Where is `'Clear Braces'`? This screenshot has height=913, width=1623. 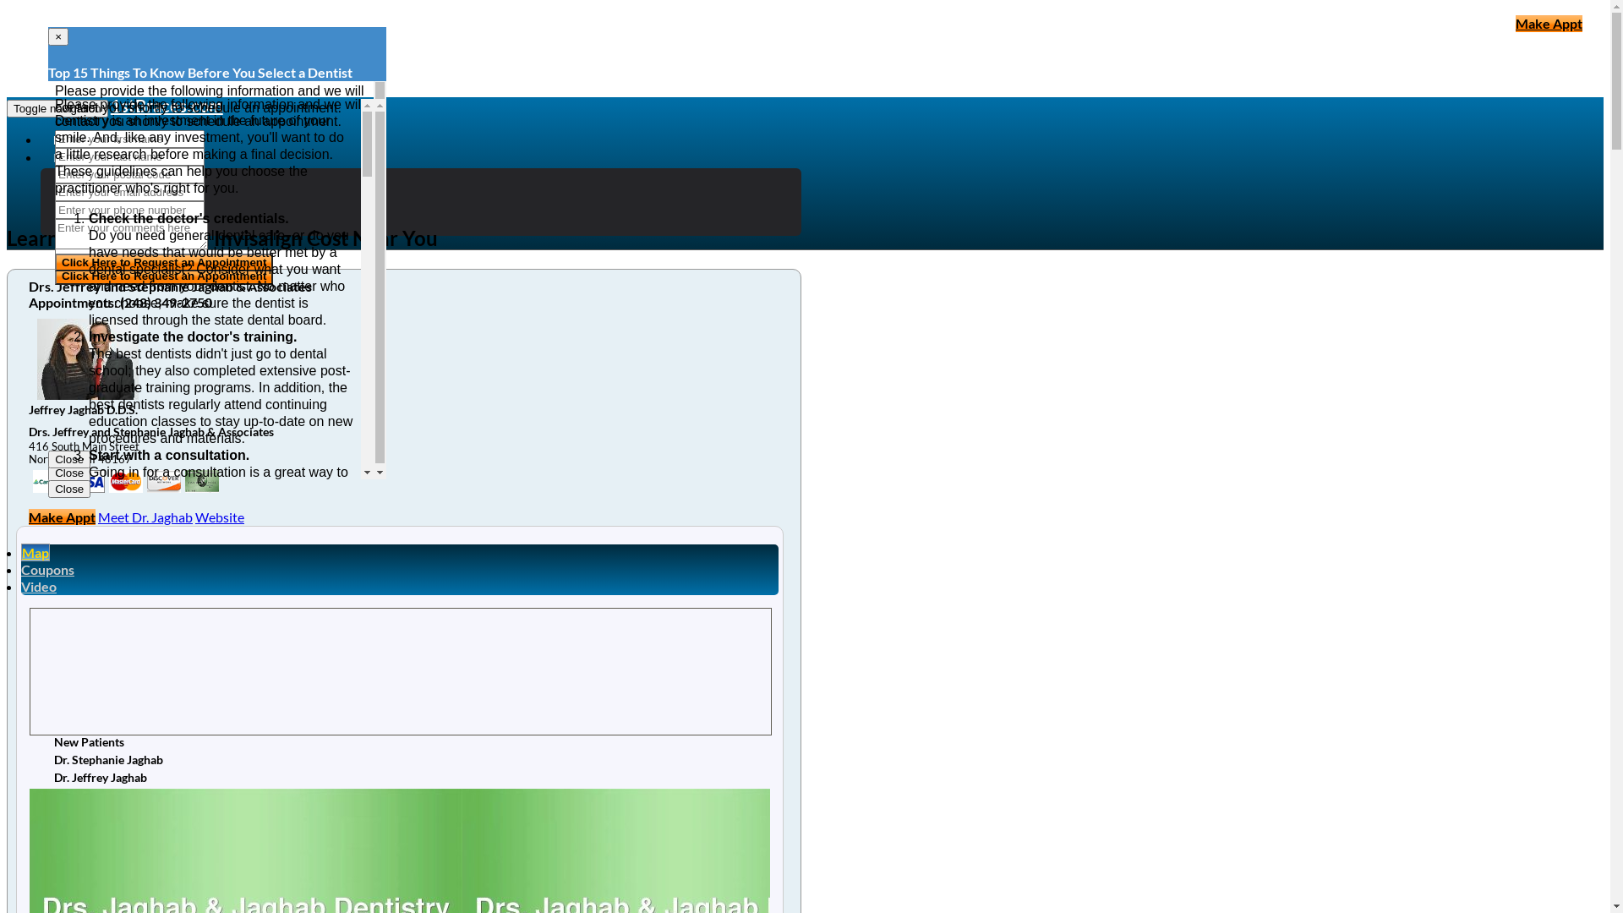 'Clear Braces' is located at coordinates (109, 209).